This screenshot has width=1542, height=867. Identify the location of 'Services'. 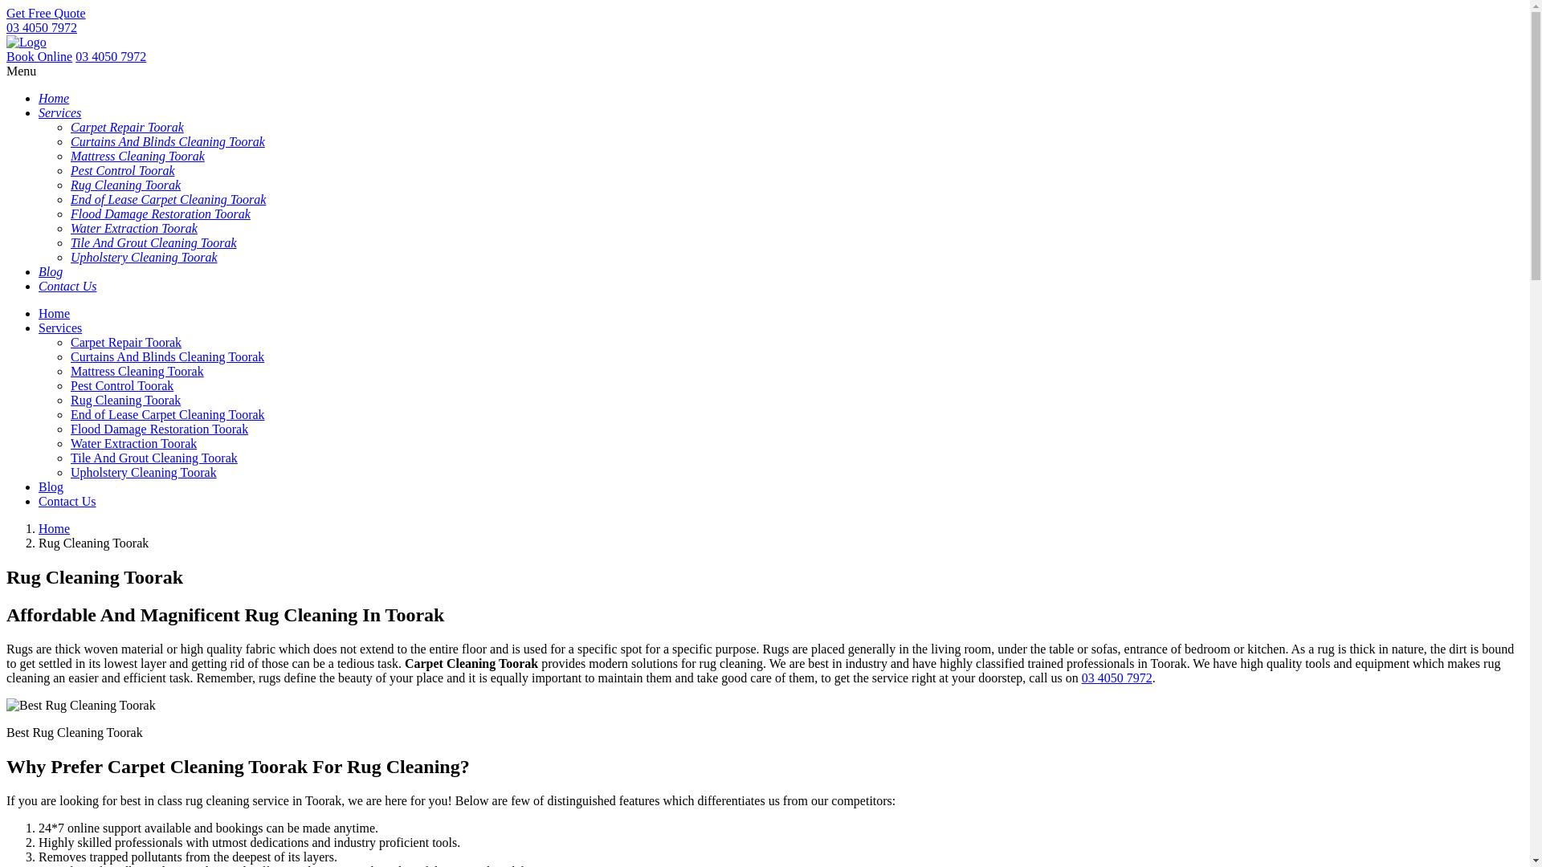
(60, 327).